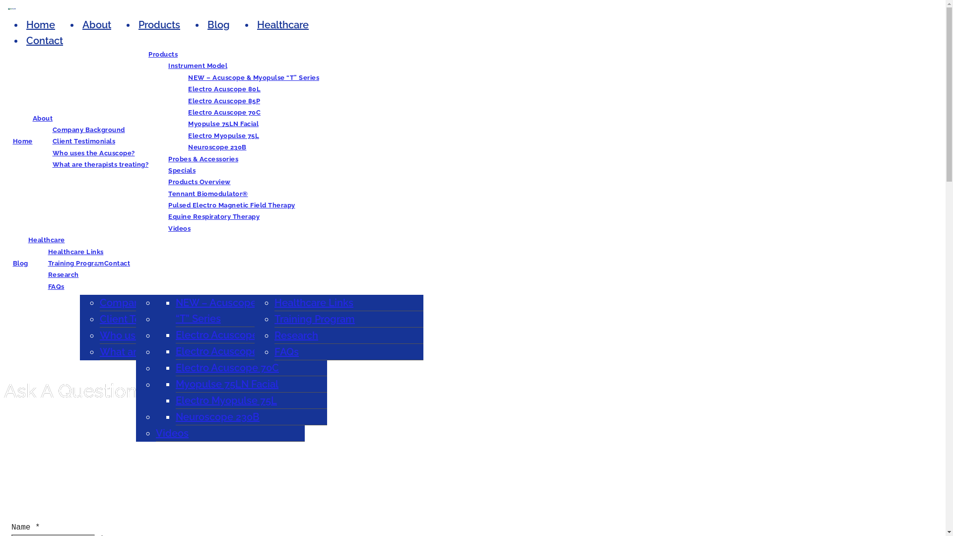 The width and height of the screenshot is (953, 536). What do you see at coordinates (45, 240) in the screenshot?
I see `'Healthcare'` at bounding box center [45, 240].